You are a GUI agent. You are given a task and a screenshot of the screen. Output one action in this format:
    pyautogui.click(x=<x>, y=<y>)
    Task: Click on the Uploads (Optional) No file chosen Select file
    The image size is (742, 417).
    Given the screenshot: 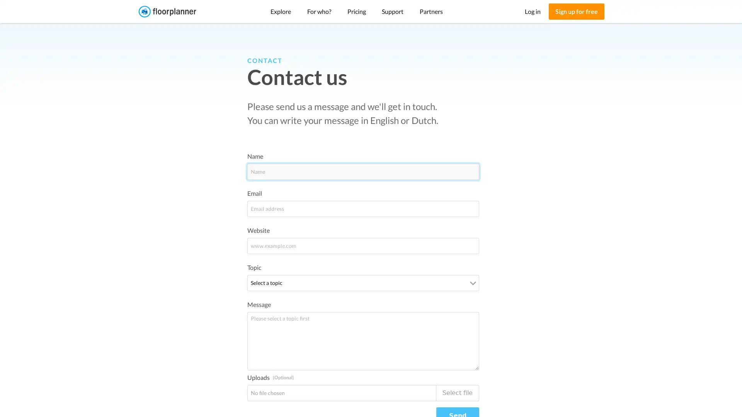 What is the action you would take?
    pyautogui.click(x=363, y=393)
    